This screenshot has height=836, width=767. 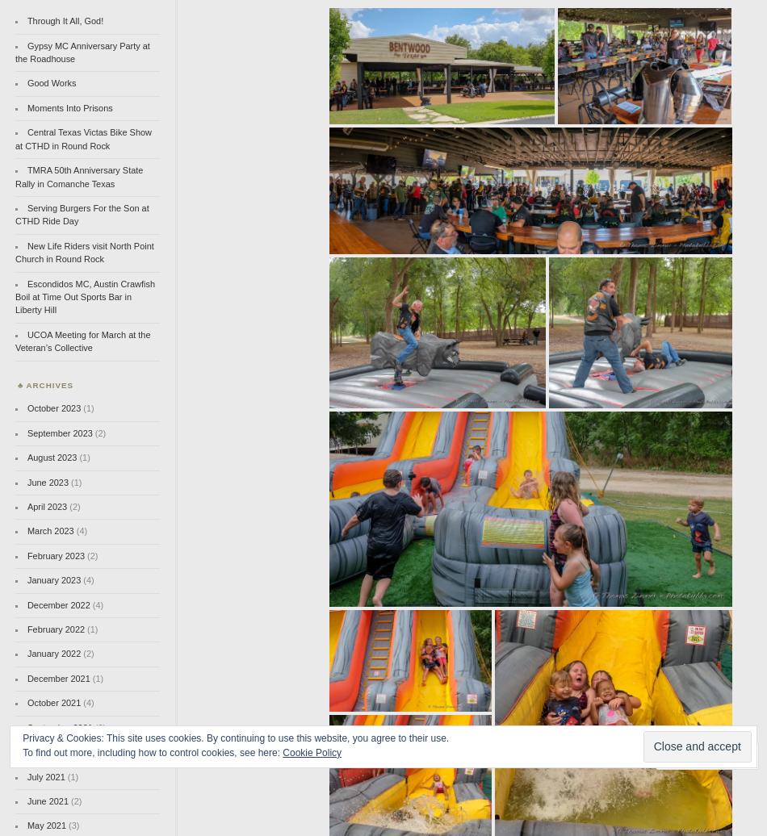 I want to click on 'TMRA 50th Anniversary State Rally in Comanche Texas', so click(x=79, y=177).